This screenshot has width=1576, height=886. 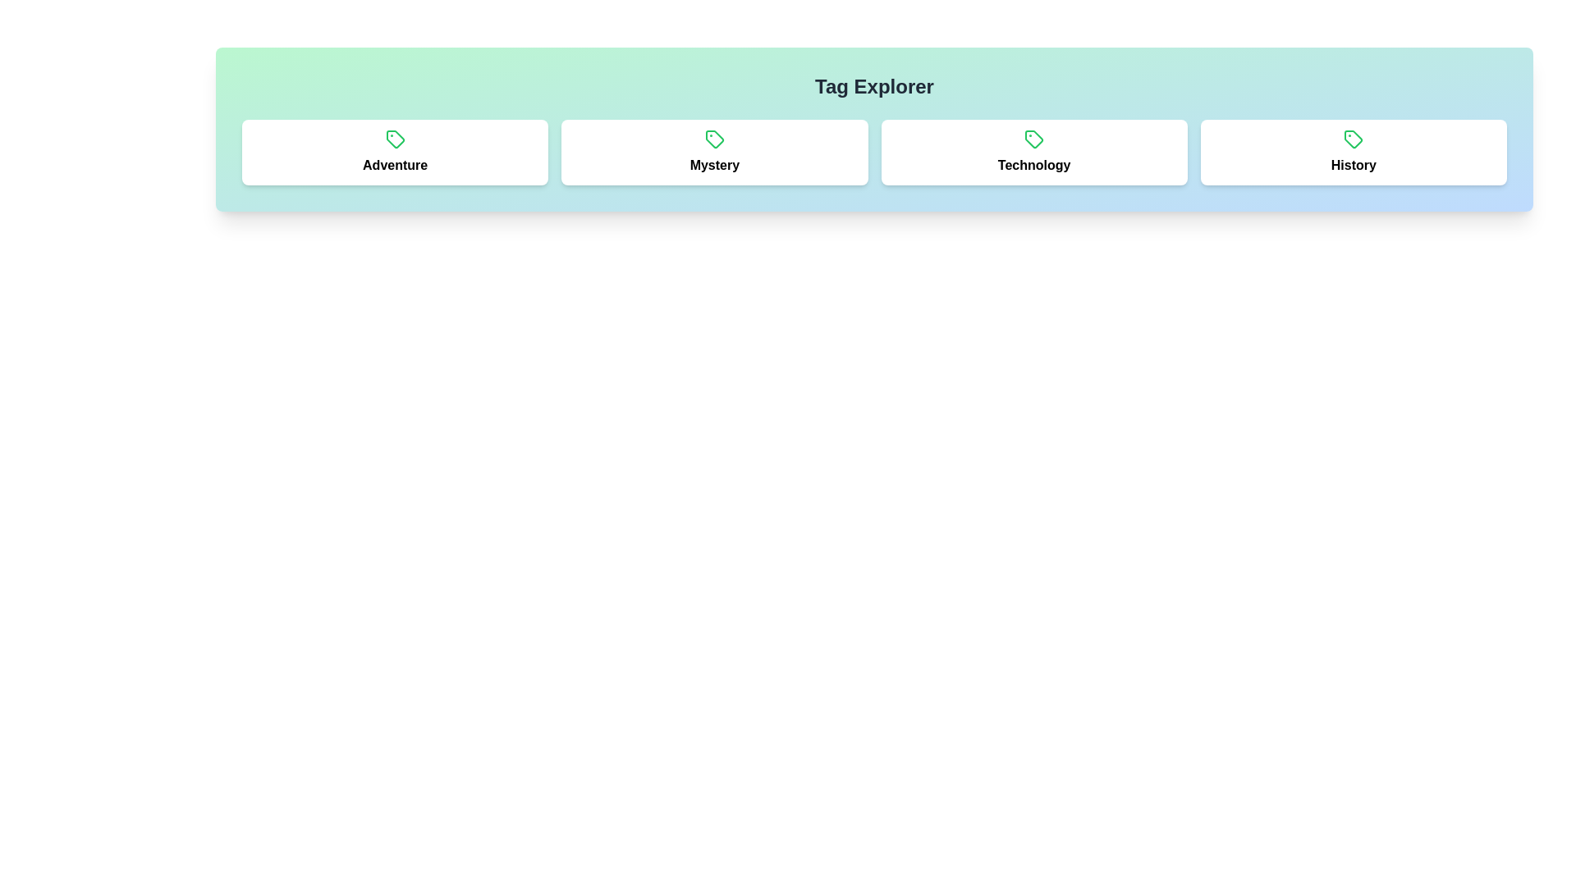 What do you see at coordinates (395, 152) in the screenshot?
I see `the 'Adventure' button, which is the first card in a grid layout and features a green tag icon above the bold 'Adventure' text, to trigger a hover effect` at bounding box center [395, 152].